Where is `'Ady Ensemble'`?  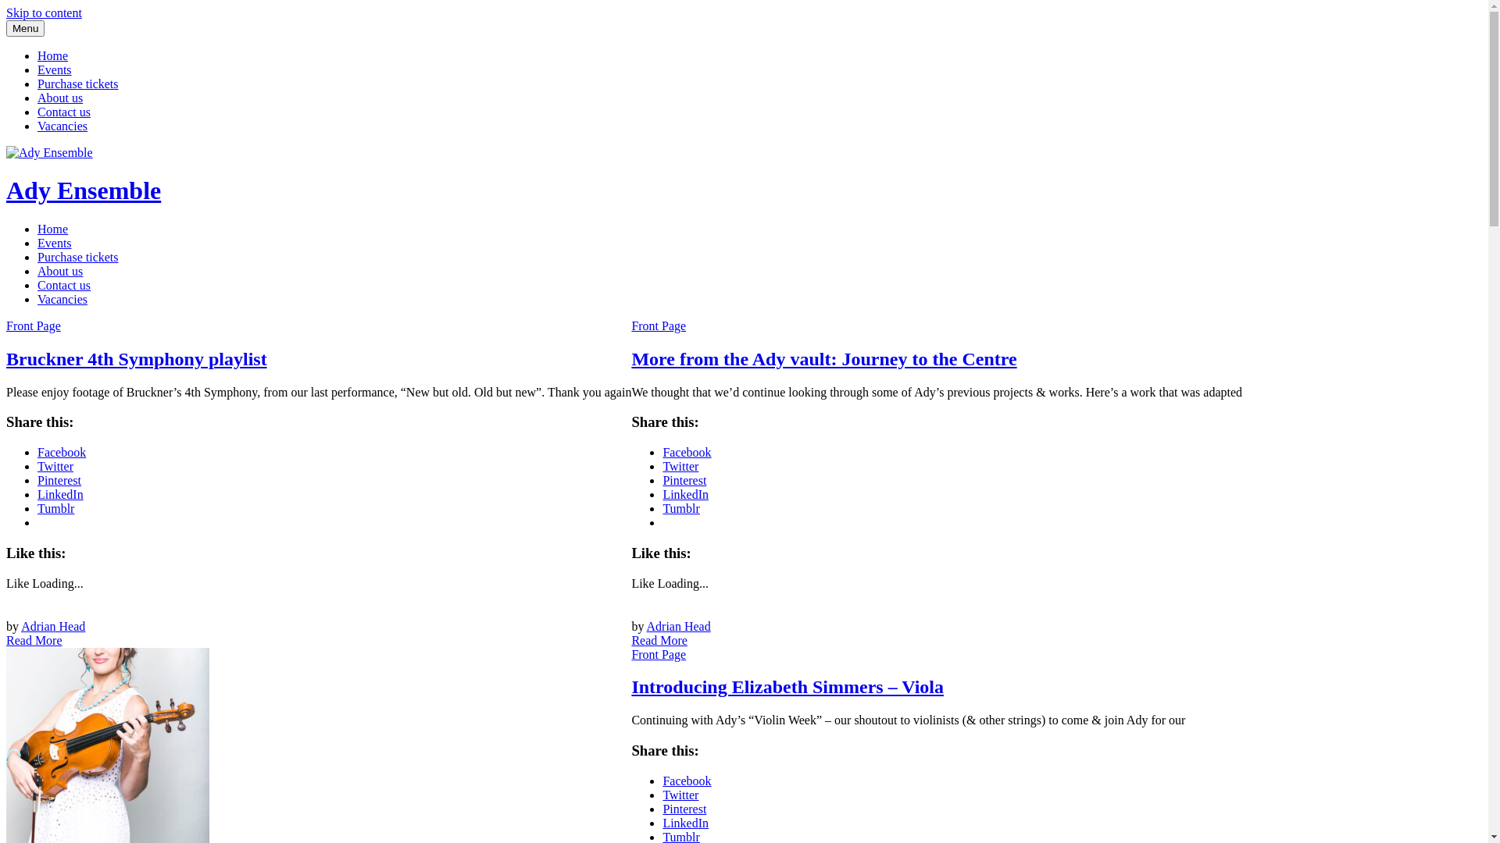
'Ady Ensemble' is located at coordinates (82, 189).